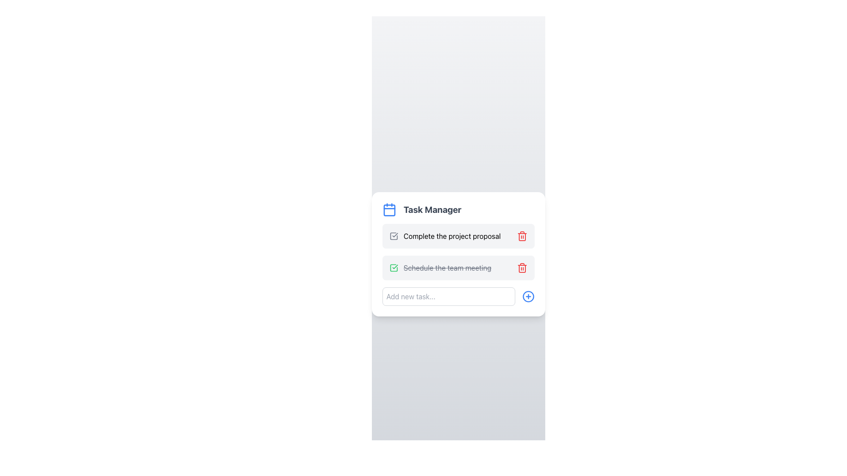  What do you see at coordinates (522, 268) in the screenshot?
I see `the trashcan icon outline located beside the 'Schedule the team meeting' text in the second task block to observe any visual changes` at bounding box center [522, 268].